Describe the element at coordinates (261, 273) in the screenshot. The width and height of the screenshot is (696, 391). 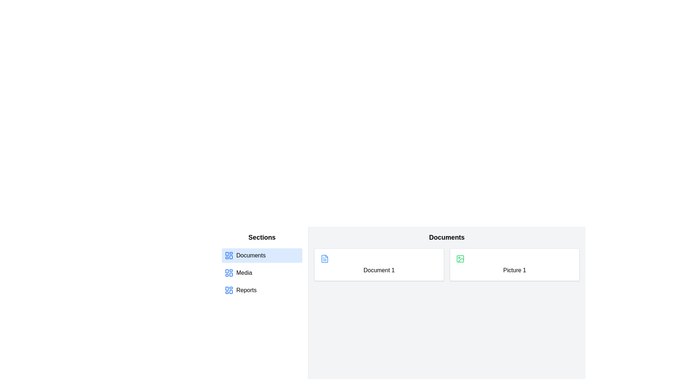
I see `the second selectable list item labeled 'Media'` at that location.